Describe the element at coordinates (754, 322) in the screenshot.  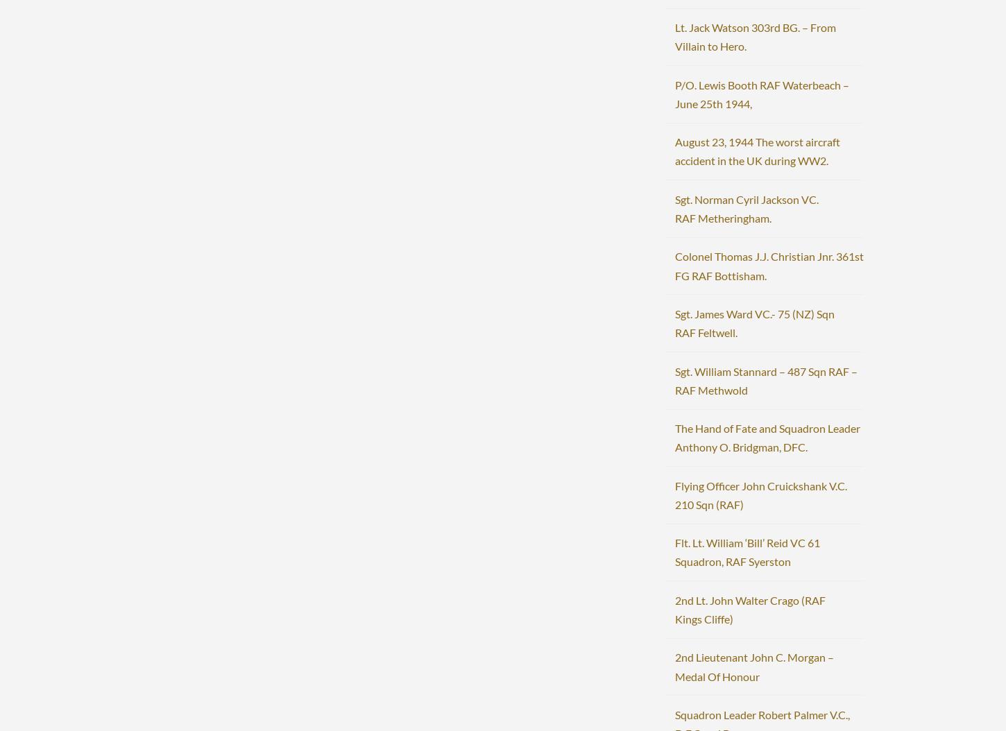
I see `'Sgt. James Ward VC.- 75 (NZ) Sqn RAF Feltwell.'` at that location.